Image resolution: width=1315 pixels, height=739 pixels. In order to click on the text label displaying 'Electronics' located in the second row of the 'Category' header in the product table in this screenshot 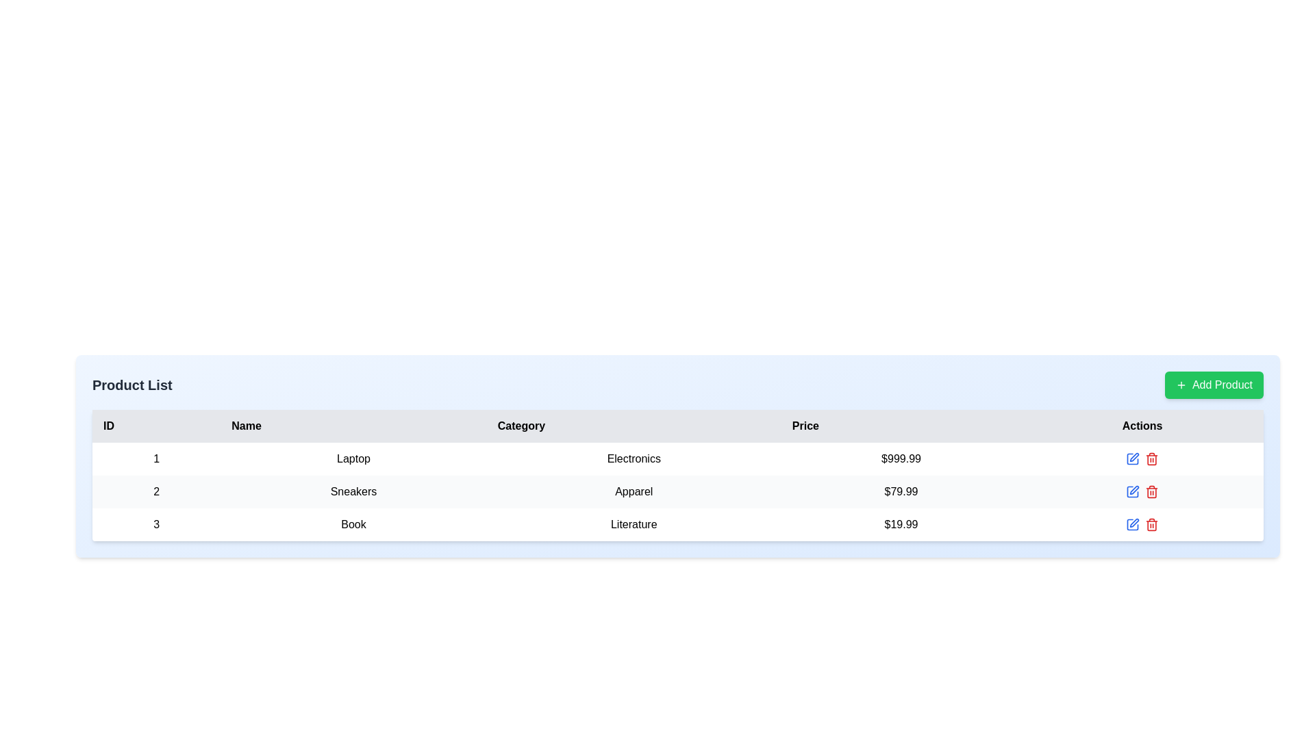, I will do `click(633, 459)`.